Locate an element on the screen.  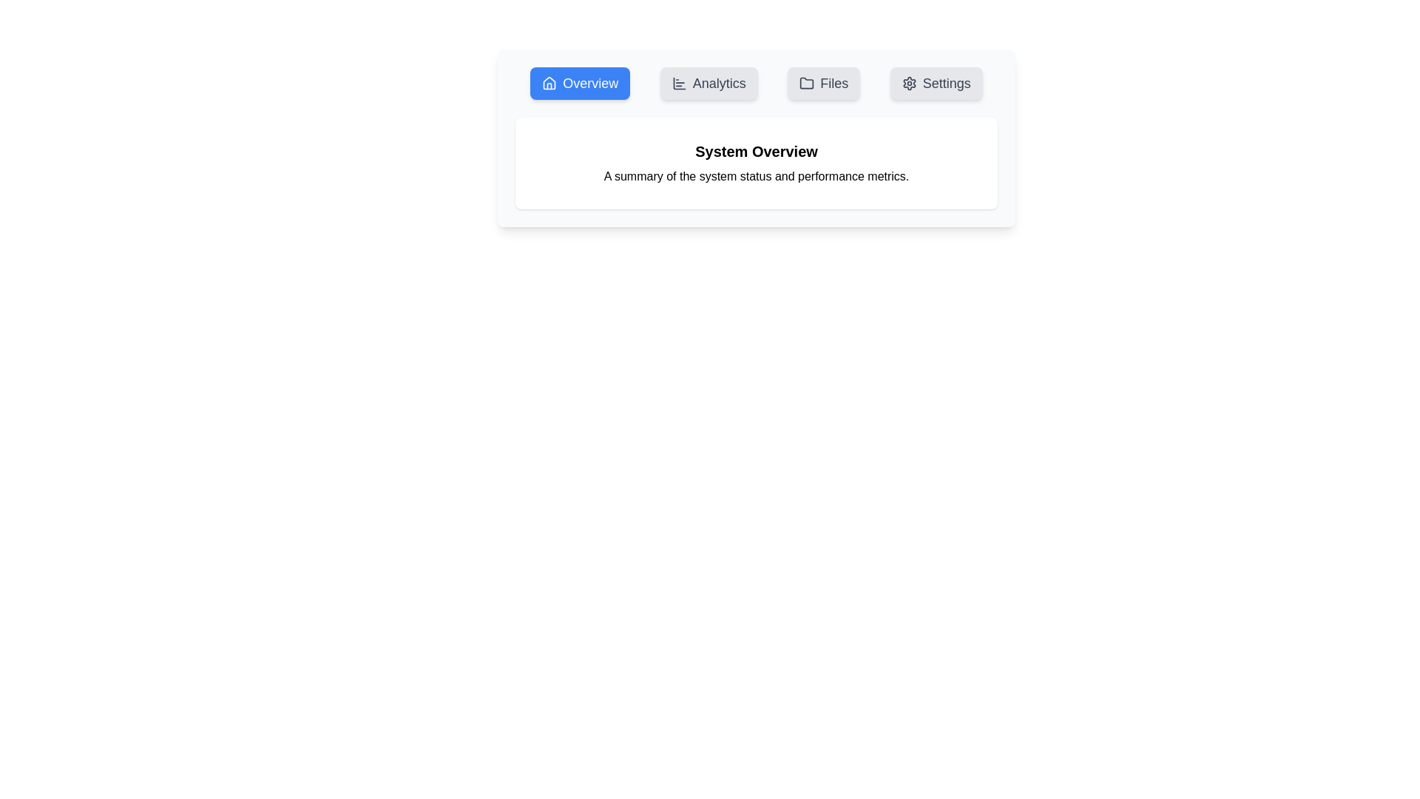
the 'Overview' icon located within the navigation bar at the top, preceding the 'Analytics', 'Files', and 'Settings' buttons is located at coordinates (549, 83).